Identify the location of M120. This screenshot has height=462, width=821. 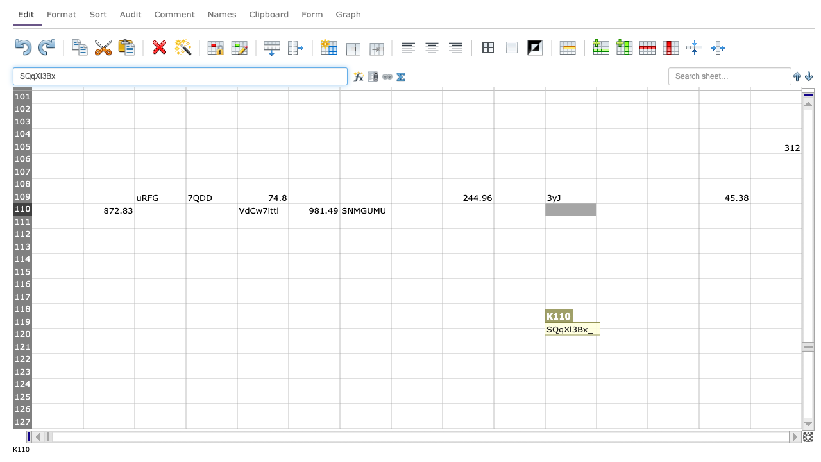
(672, 334).